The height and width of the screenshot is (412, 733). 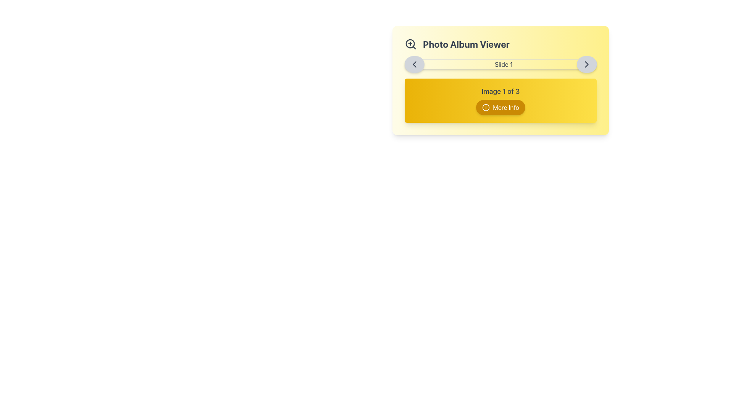 I want to click on the 'More Info' button that contains the information icon, which is characterized by a circular shape with a stroke outline and a smaller symbol inside, so click(x=486, y=107).